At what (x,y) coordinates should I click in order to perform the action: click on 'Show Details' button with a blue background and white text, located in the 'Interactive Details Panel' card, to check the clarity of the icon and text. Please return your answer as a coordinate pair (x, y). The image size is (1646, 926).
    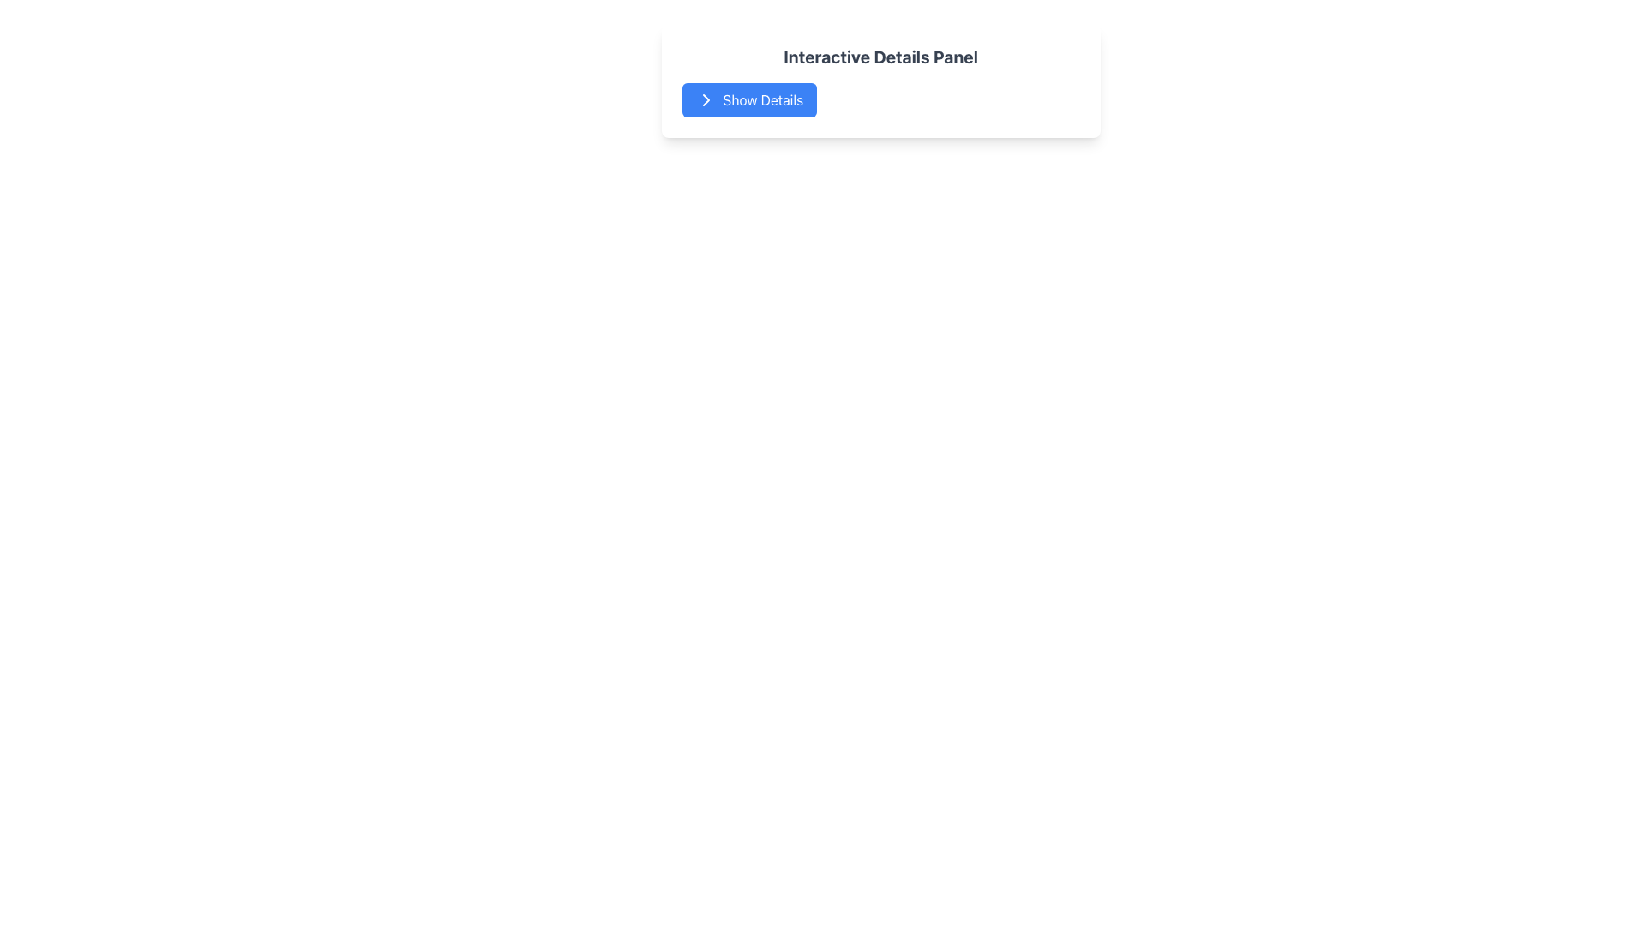
    Looking at the image, I should click on (748, 99).